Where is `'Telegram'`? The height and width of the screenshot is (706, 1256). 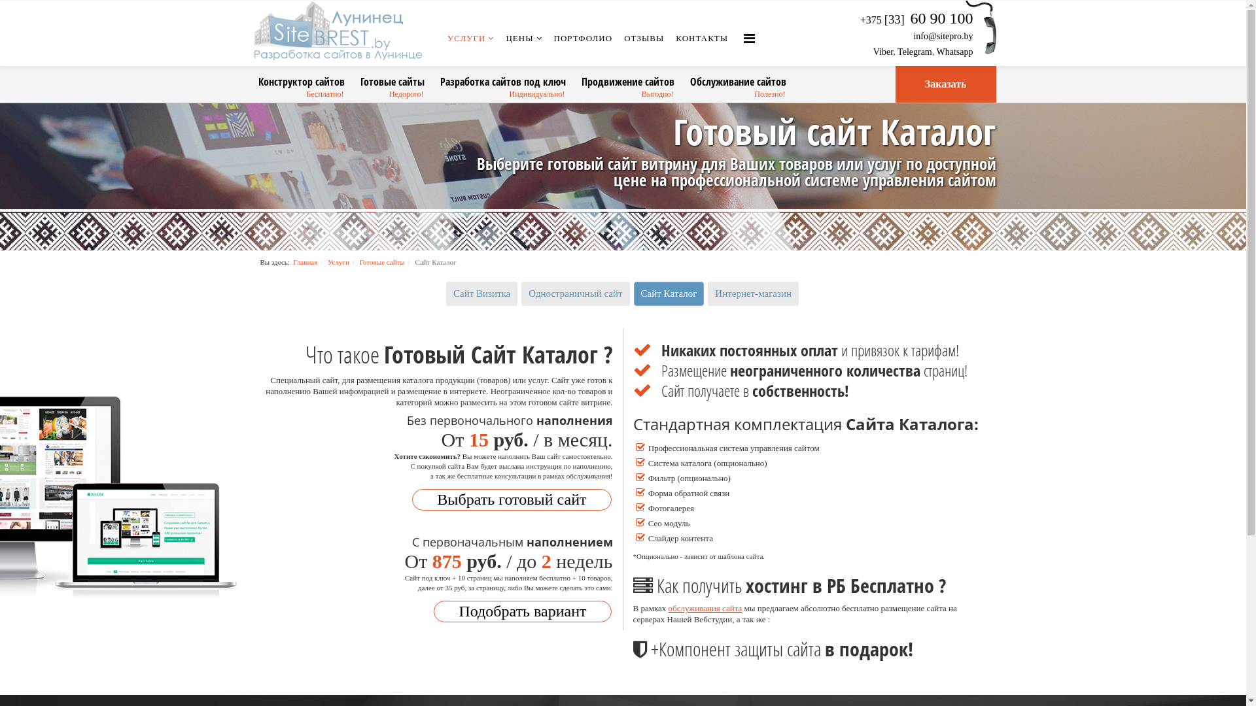
'Telegram' is located at coordinates (914, 51).